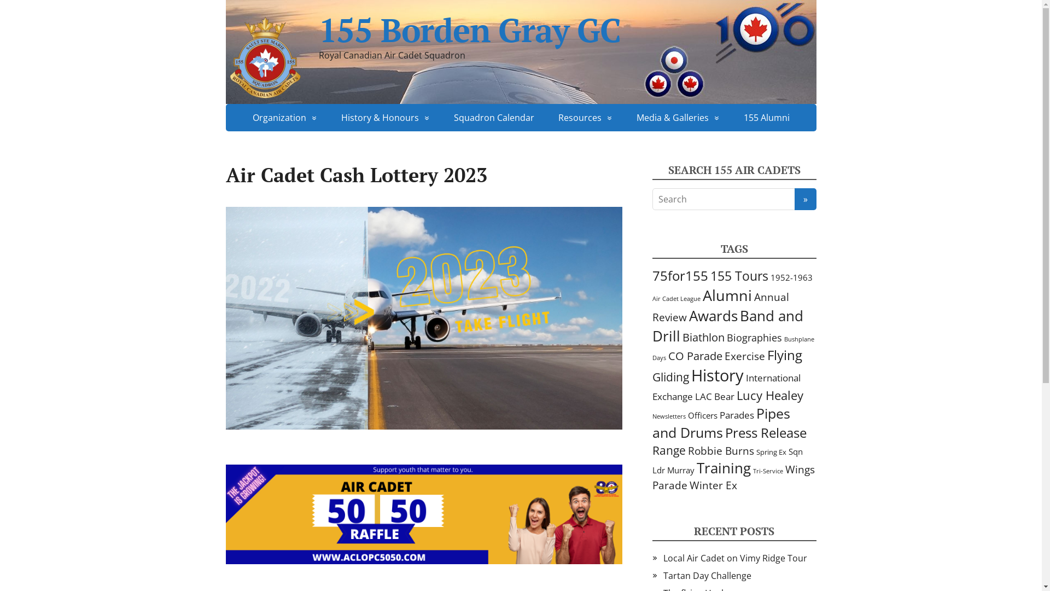 The image size is (1050, 591). What do you see at coordinates (791, 276) in the screenshot?
I see `'1952-1963'` at bounding box center [791, 276].